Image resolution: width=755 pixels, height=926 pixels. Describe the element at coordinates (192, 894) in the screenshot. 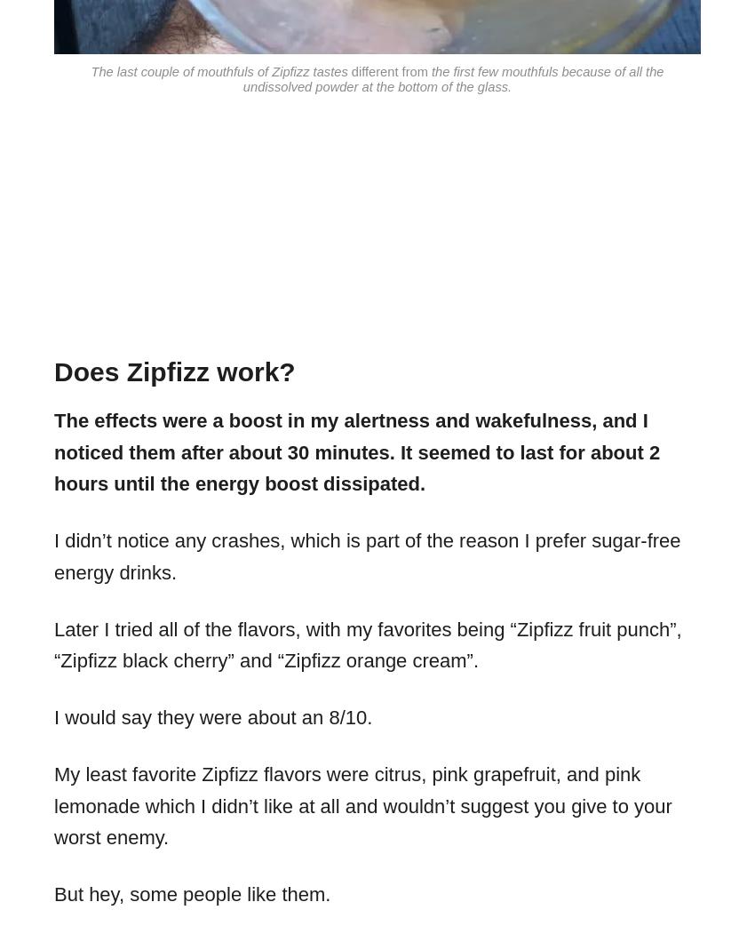

I see `'But hey, some people like them.'` at that location.